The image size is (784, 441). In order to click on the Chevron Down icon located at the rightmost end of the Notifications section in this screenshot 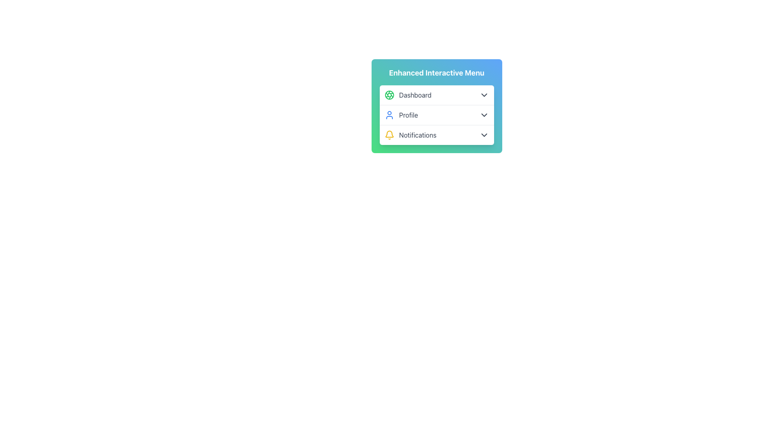, I will do `click(484, 135)`.